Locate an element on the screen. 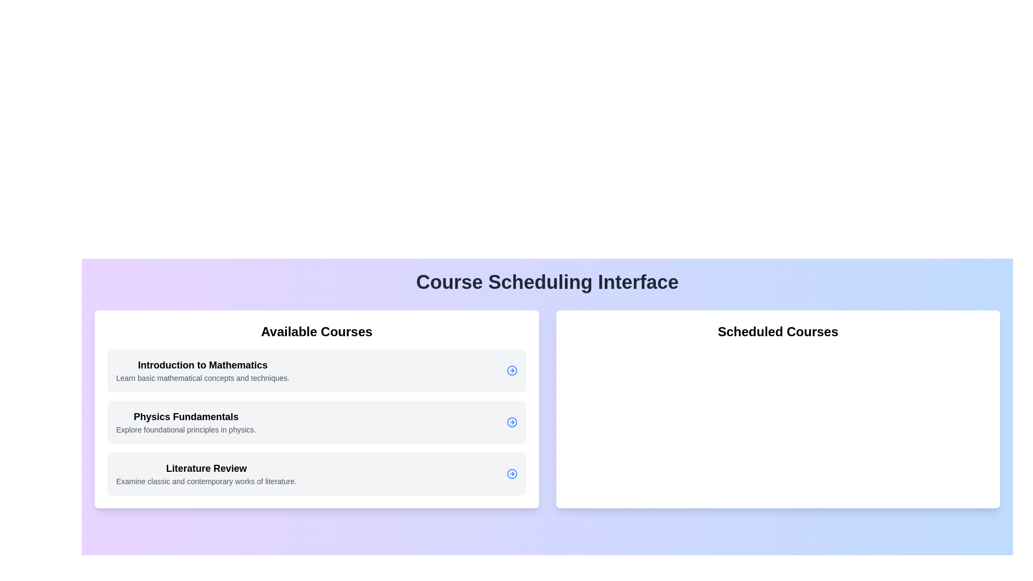 The height and width of the screenshot is (581, 1033). the title text block for the 'Physics Fundamentals' course, which is located in the second row of the course list in the scheduling interface is located at coordinates (186, 416).